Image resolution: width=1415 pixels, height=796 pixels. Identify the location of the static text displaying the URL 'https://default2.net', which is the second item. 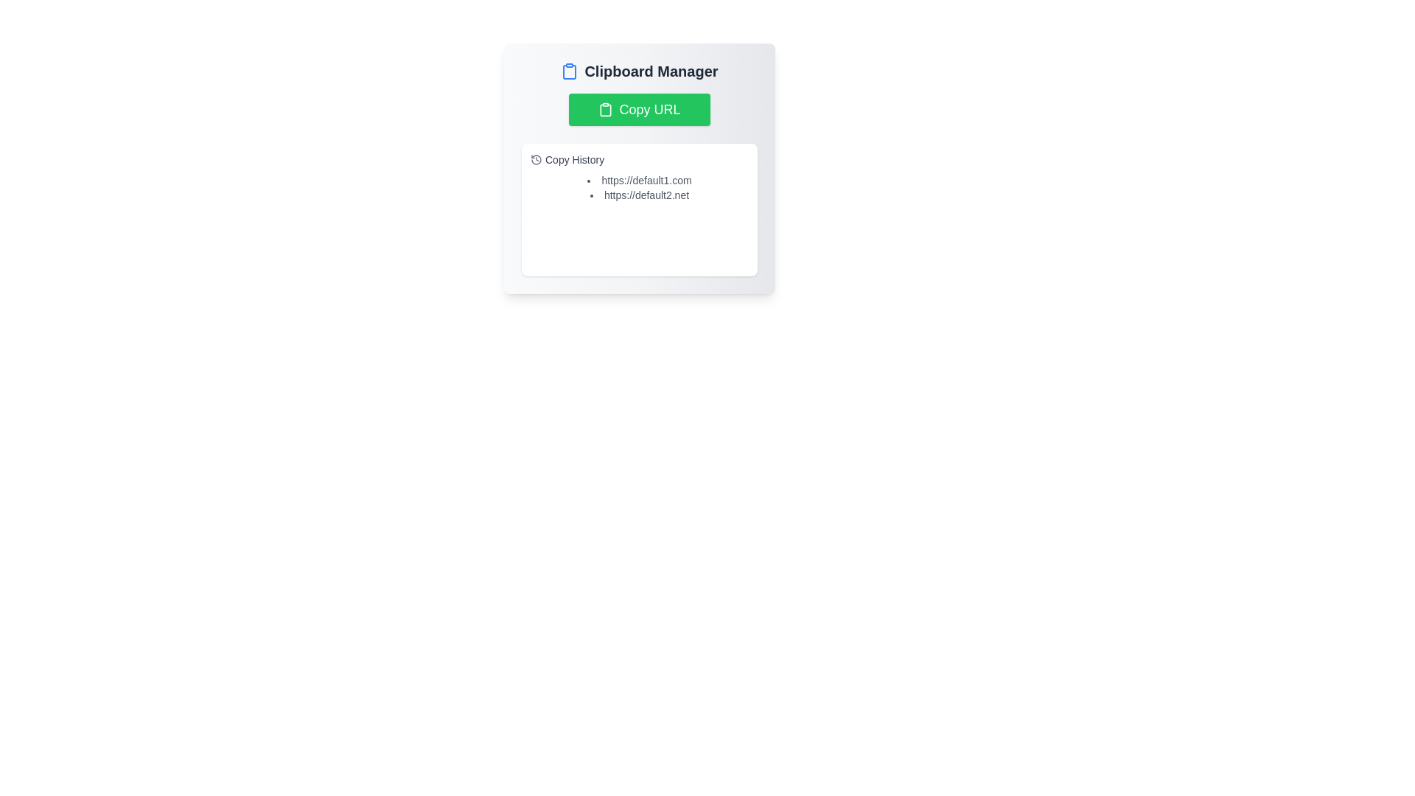
(640, 195).